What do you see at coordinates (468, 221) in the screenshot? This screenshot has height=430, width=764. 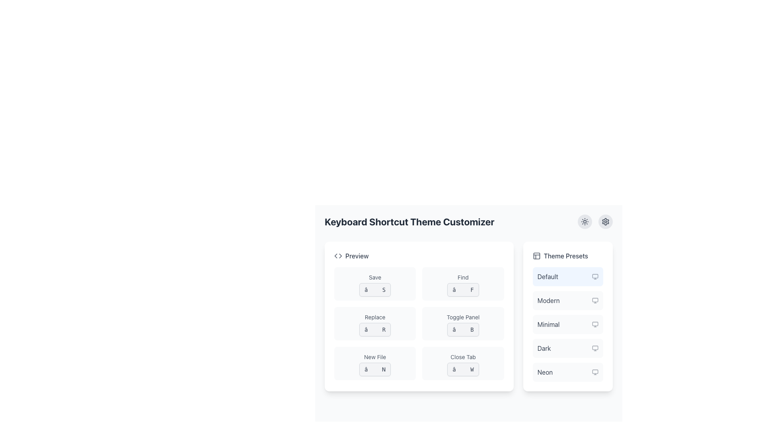 I see `text content of the header labeled 'Keyboard Shortcut Theme Customizer', which is styled in a large bold font and positioned at the top of the interface` at bounding box center [468, 221].